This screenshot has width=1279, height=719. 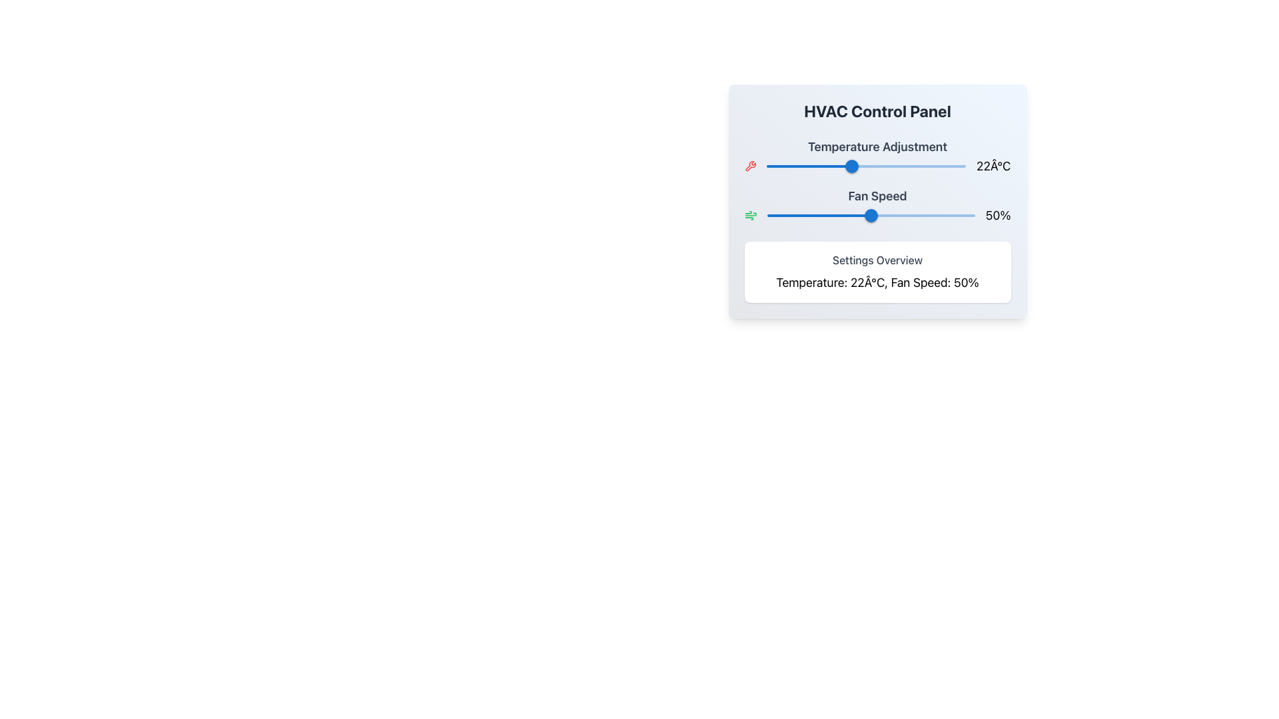 What do you see at coordinates (779, 215) in the screenshot?
I see `fan speed` at bounding box center [779, 215].